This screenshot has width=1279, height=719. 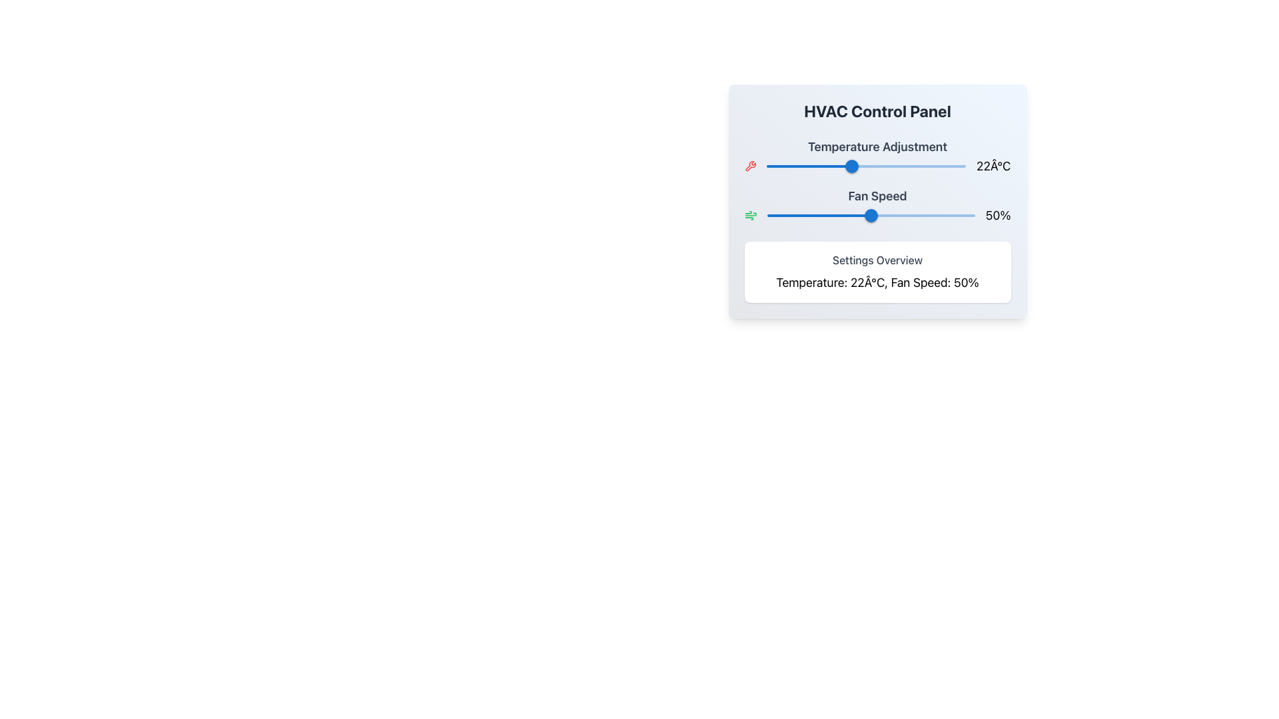 What do you see at coordinates (779, 215) in the screenshot?
I see `fan speed` at bounding box center [779, 215].